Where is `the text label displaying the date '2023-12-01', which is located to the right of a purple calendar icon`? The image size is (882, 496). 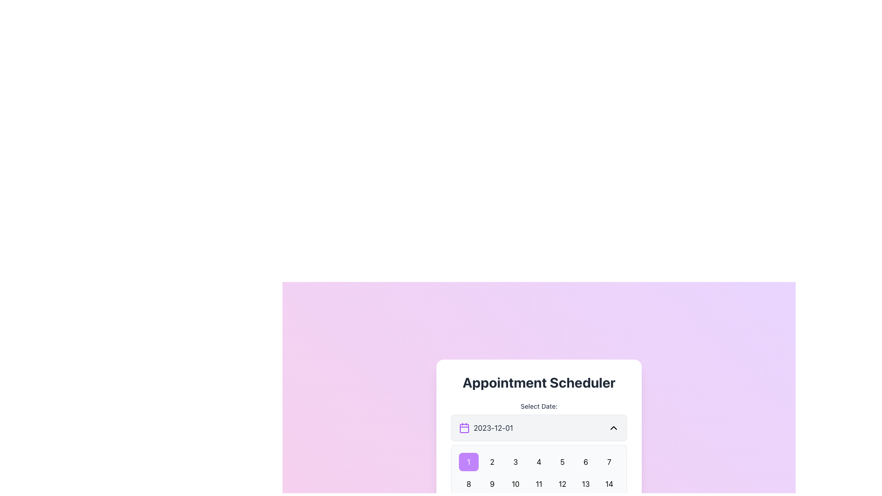 the text label displaying the date '2023-12-01', which is located to the right of a purple calendar icon is located at coordinates (493, 428).